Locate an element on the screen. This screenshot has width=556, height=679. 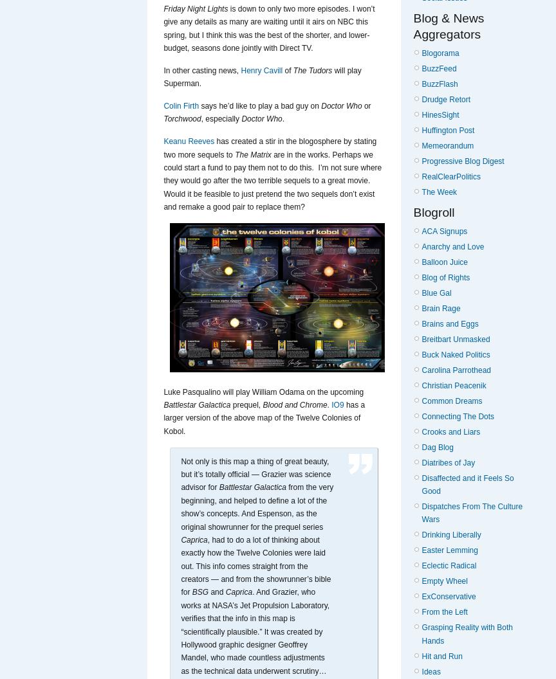
'ACA Signups' is located at coordinates (444, 230).